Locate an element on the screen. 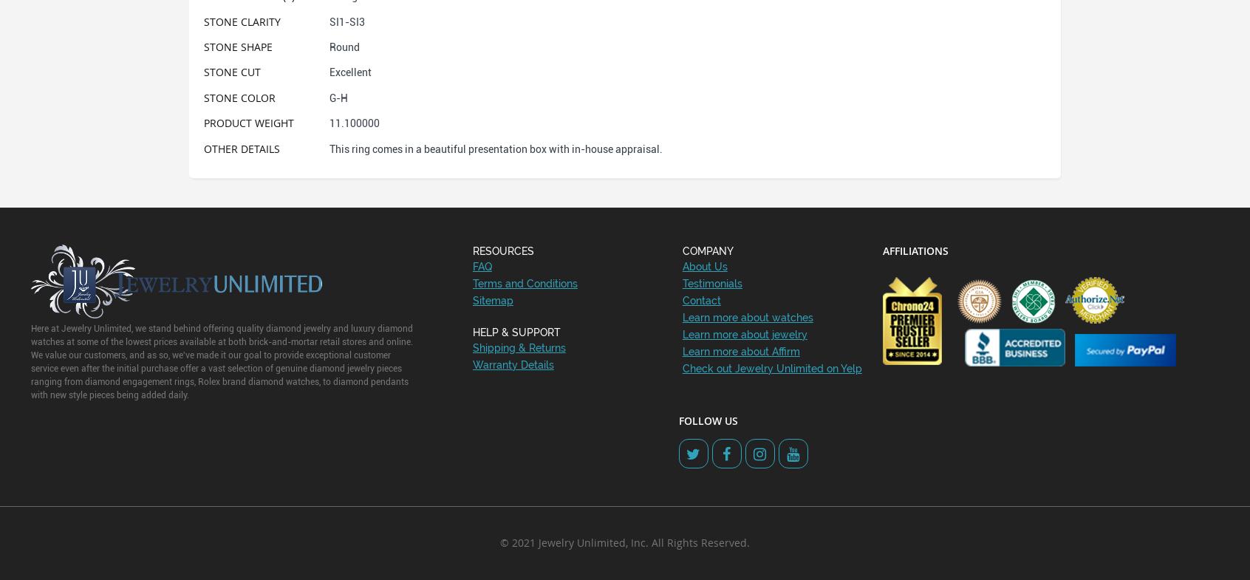 Image resolution: width=1250 pixels, height=580 pixels. 'Stone Clarity' is located at coordinates (242, 20).